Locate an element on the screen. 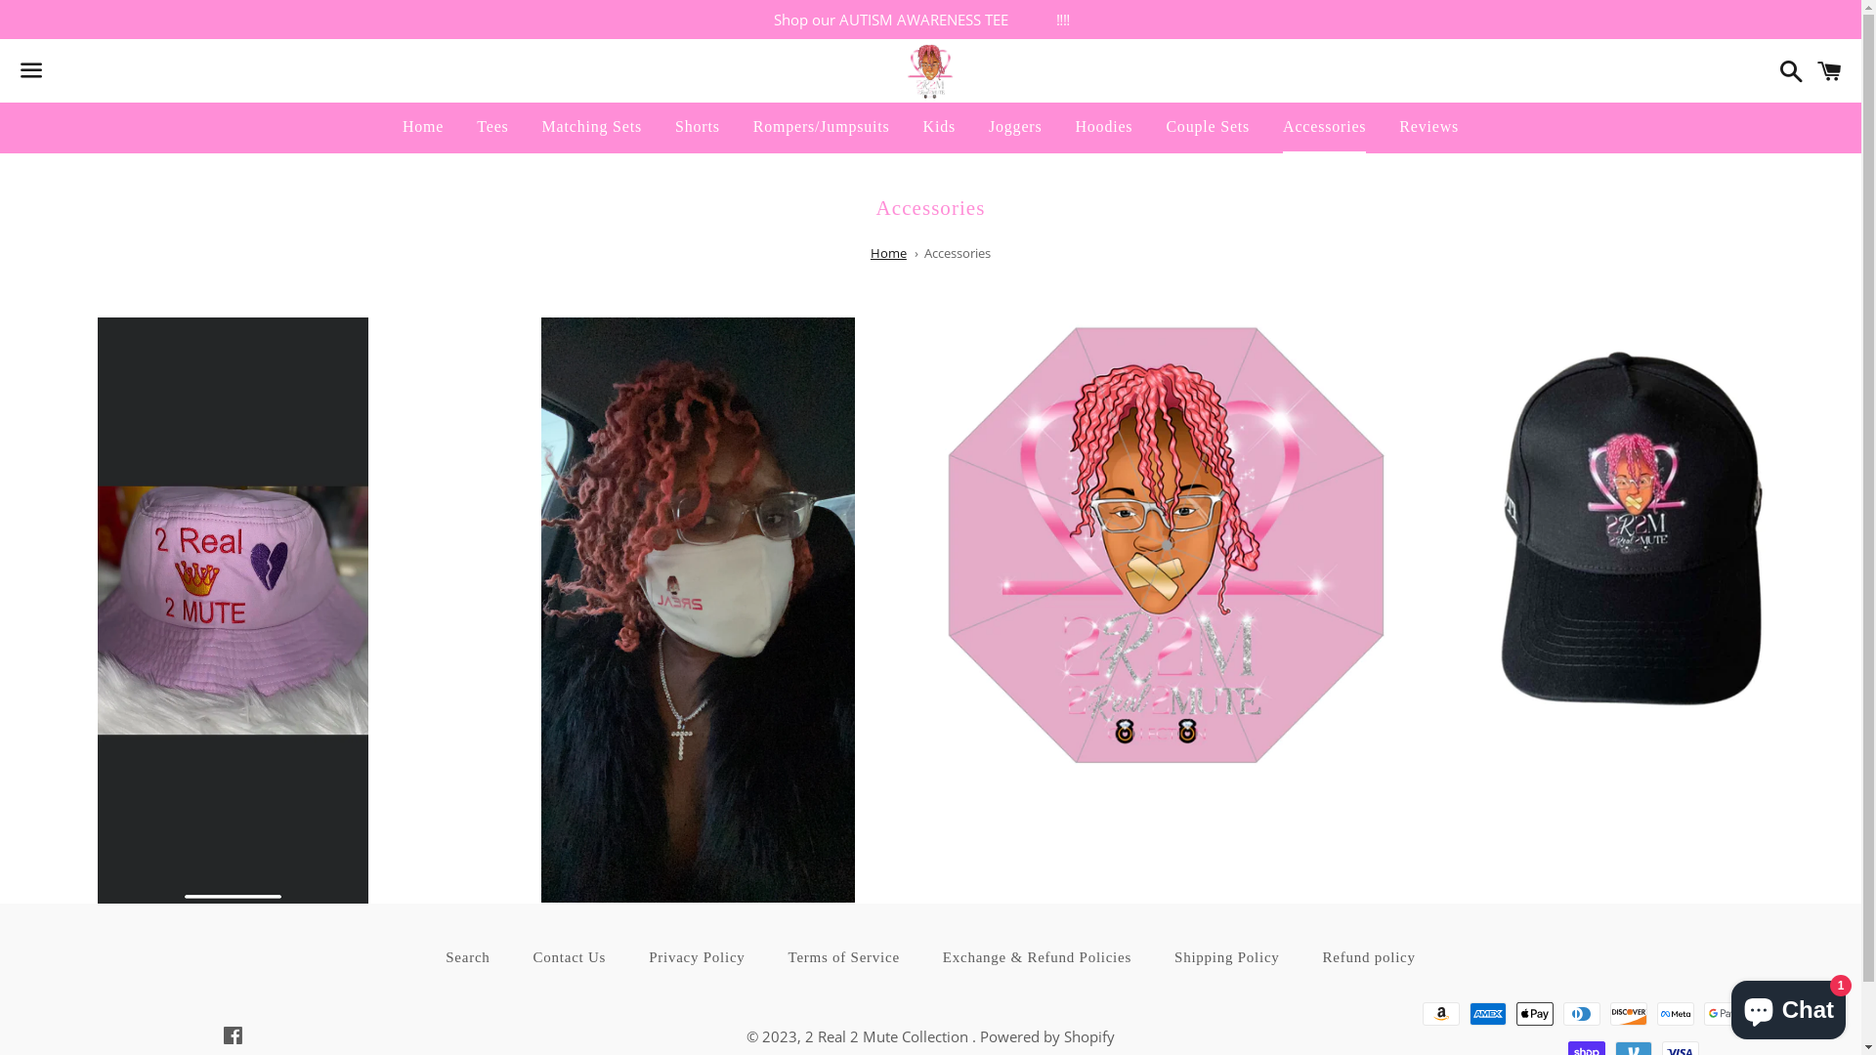 The height and width of the screenshot is (1055, 1876). 'Cart' is located at coordinates (1828, 69).